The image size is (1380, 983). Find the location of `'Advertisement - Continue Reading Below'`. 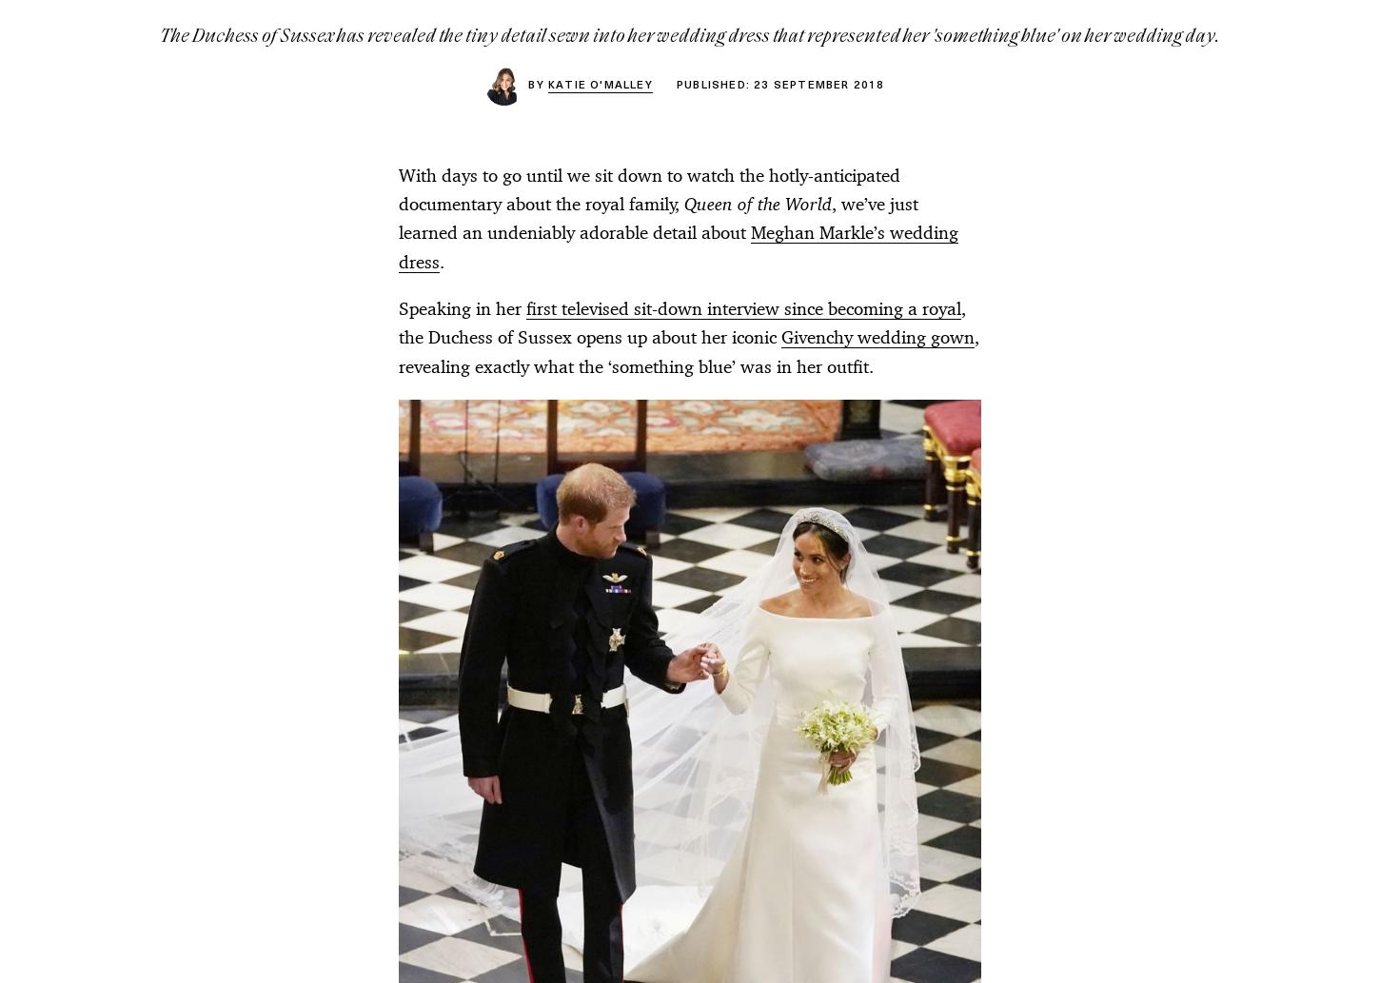

'Advertisement - Continue Reading Below' is located at coordinates (690, 236).